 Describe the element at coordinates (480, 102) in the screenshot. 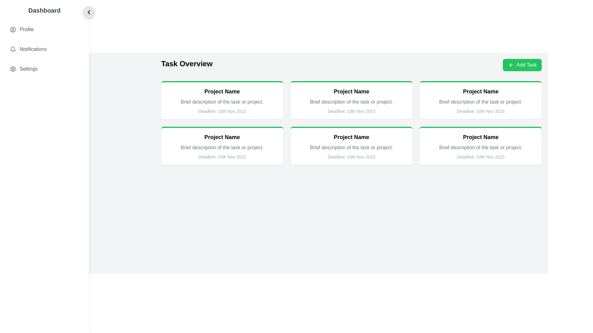

I see `the Text block element that provides additional information for the task or project described in the card, located below the bolded title 'Project Name' and above the deadline label` at that location.